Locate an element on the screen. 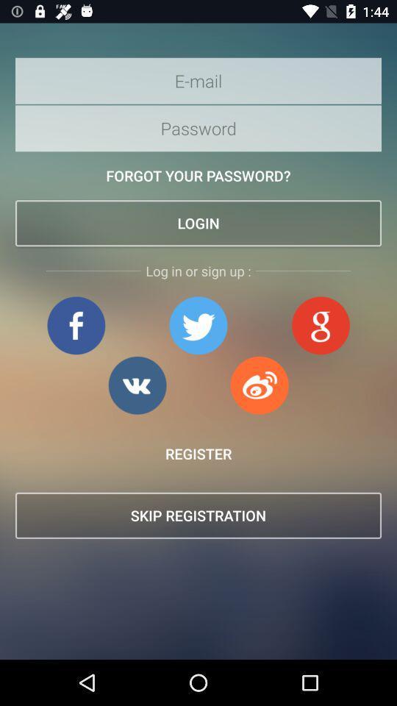 The width and height of the screenshot is (397, 706). login with google is located at coordinates (320, 325).